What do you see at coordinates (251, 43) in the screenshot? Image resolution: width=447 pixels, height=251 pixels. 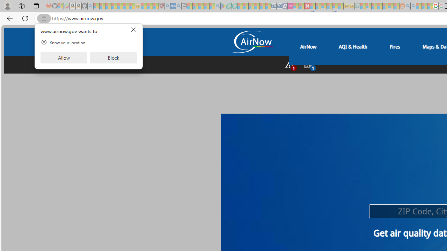 I see `'Air Now Logo'` at bounding box center [251, 43].